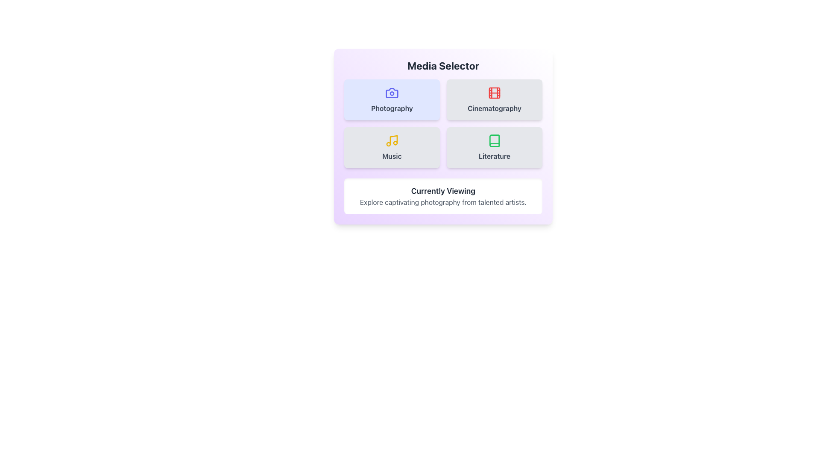 Image resolution: width=820 pixels, height=461 pixels. What do you see at coordinates (443, 202) in the screenshot?
I see `the text element stating 'Explore captivating photography from talented artists', which is styled in gray and located below the title 'Currently Viewing'` at bounding box center [443, 202].